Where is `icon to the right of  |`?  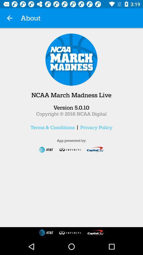 icon to the right of  | is located at coordinates (96, 127).